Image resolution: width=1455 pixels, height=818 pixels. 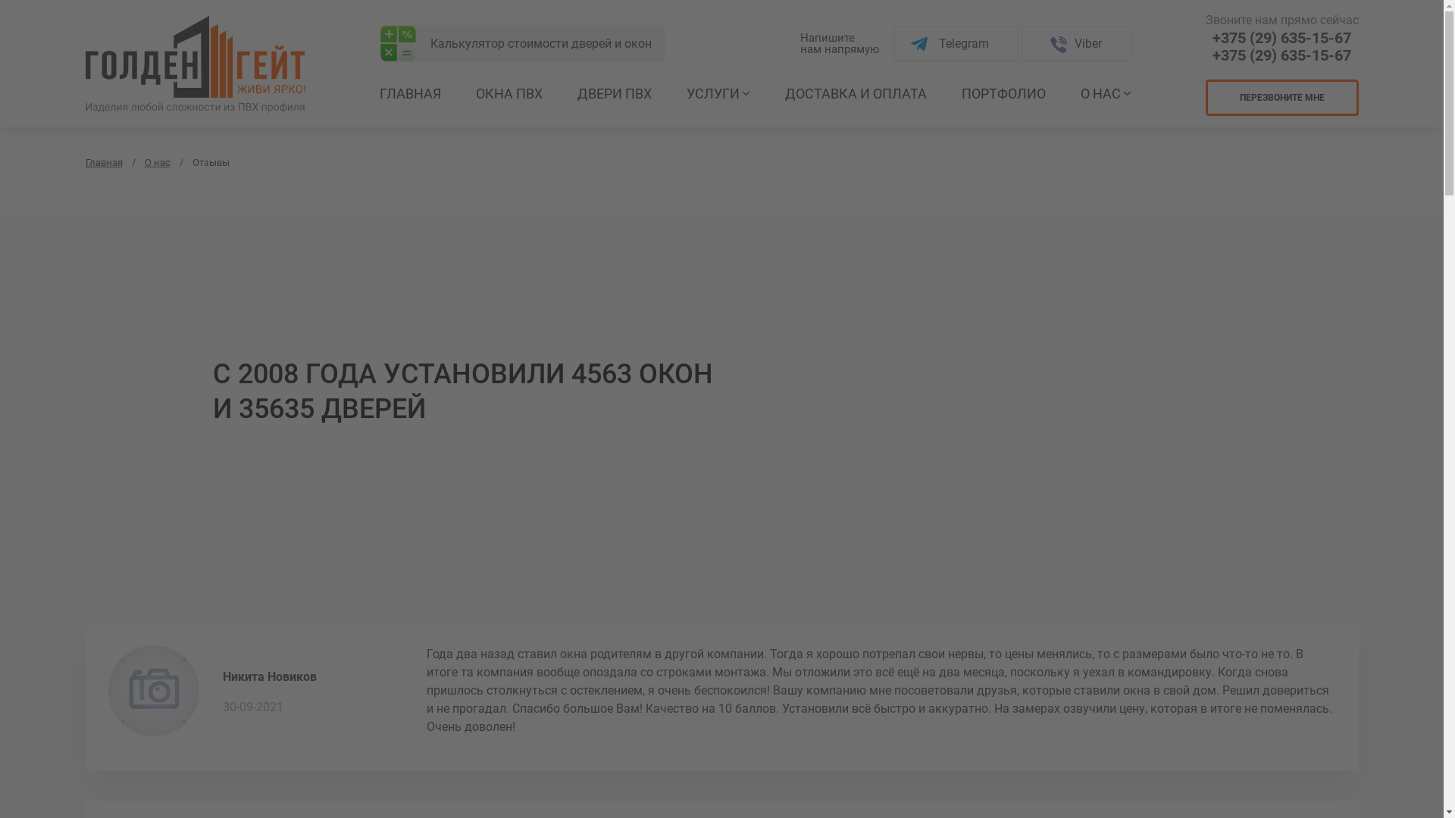 What do you see at coordinates (1281, 37) in the screenshot?
I see `'+375 (29) 635-15-67'` at bounding box center [1281, 37].